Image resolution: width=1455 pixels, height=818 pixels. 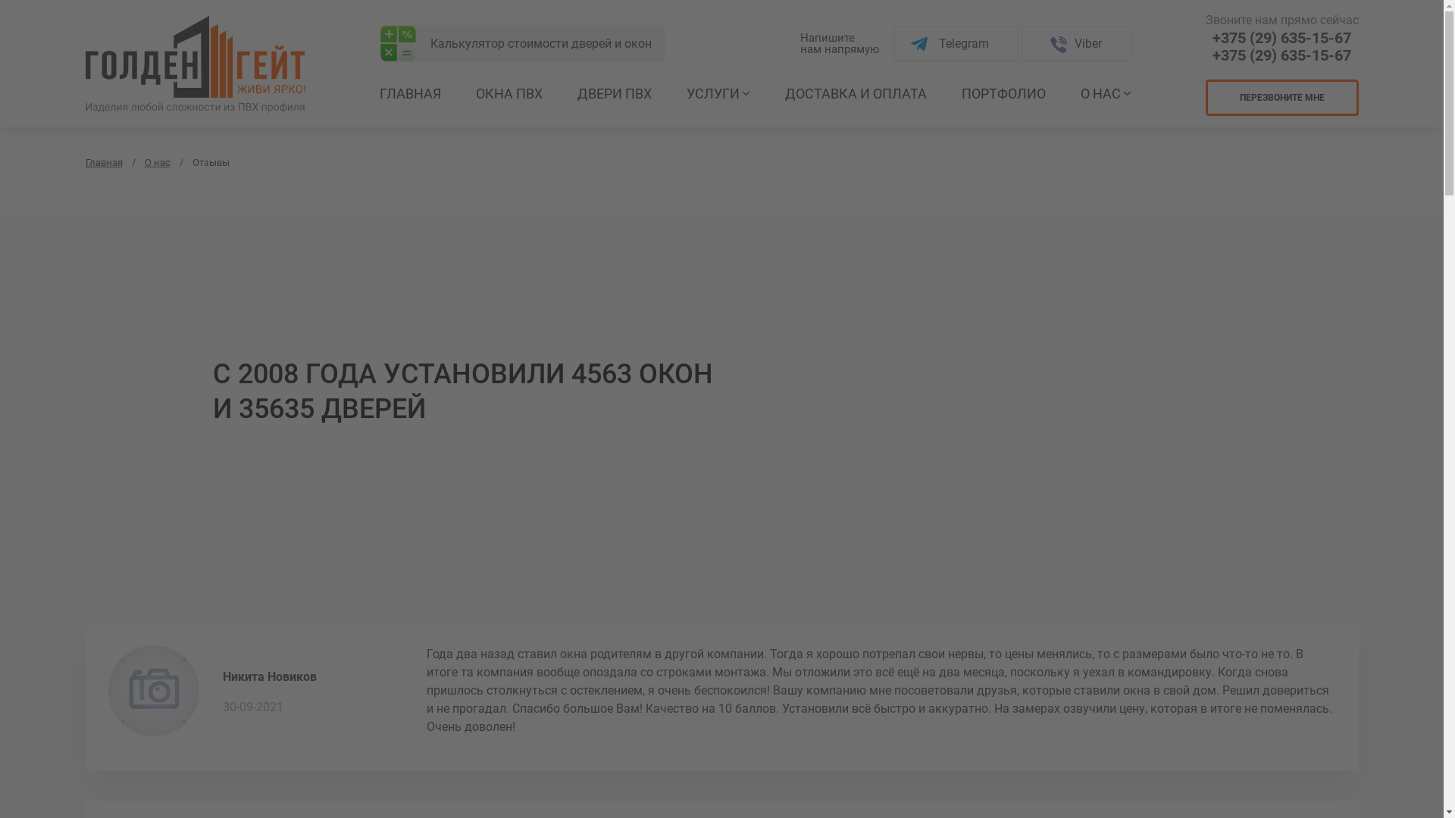 What do you see at coordinates (1281, 37) in the screenshot?
I see `'+375 (29) 635-15-67'` at bounding box center [1281, 37].